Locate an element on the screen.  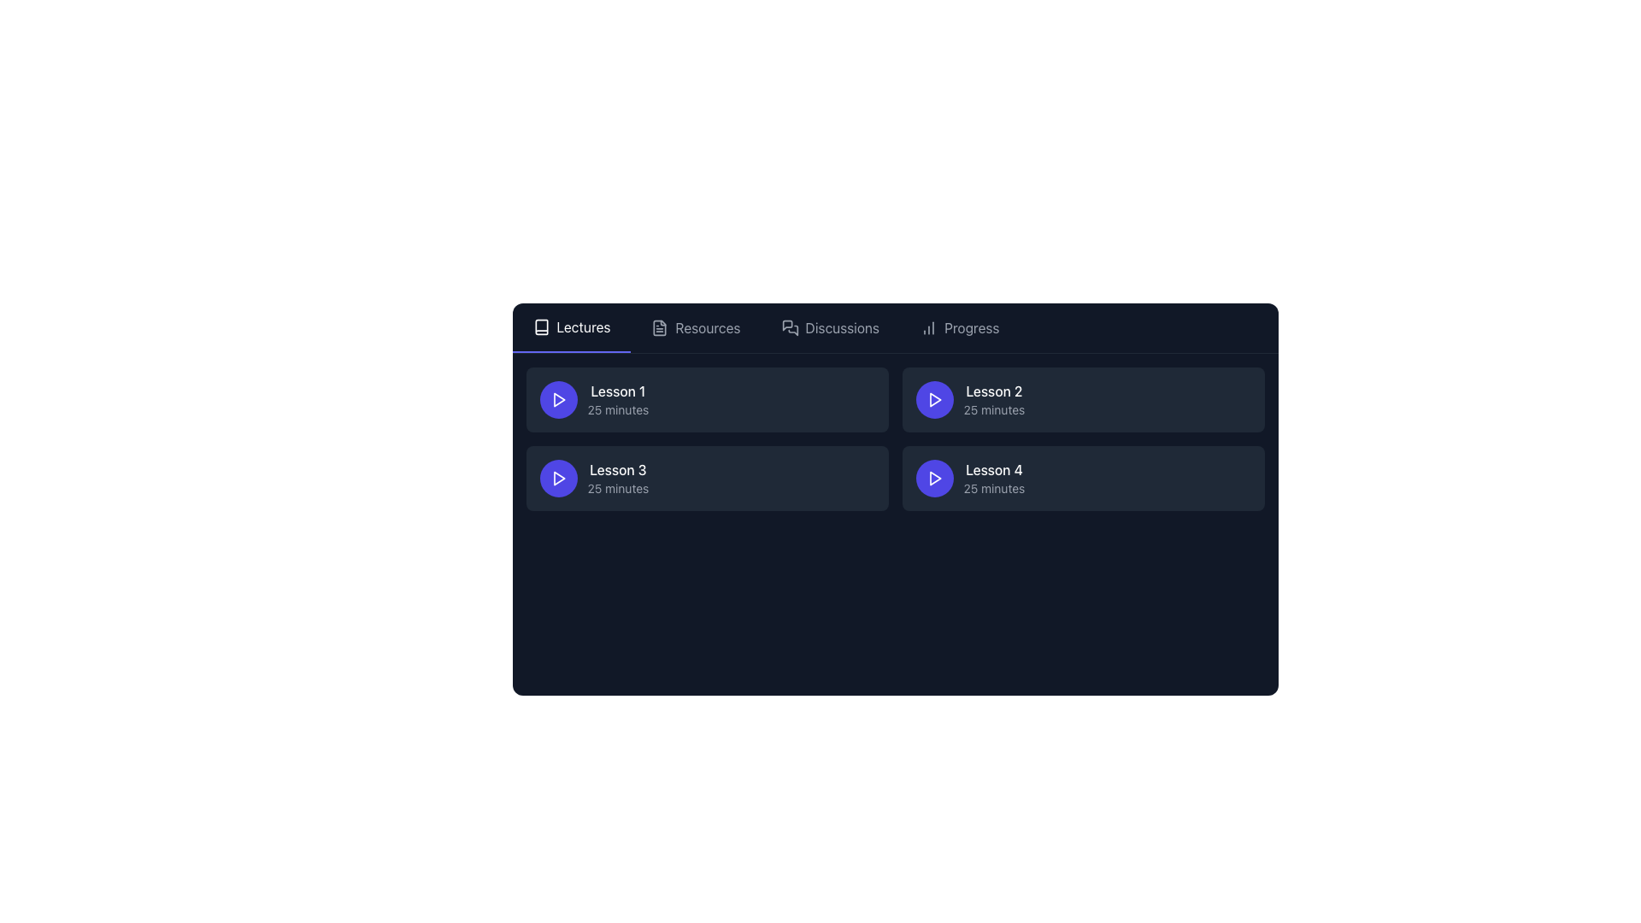
the play button icon located in the top-right of the 'Lesson 2' card to initiate playback of the associated lesson content is located at coordinates (933, 399).